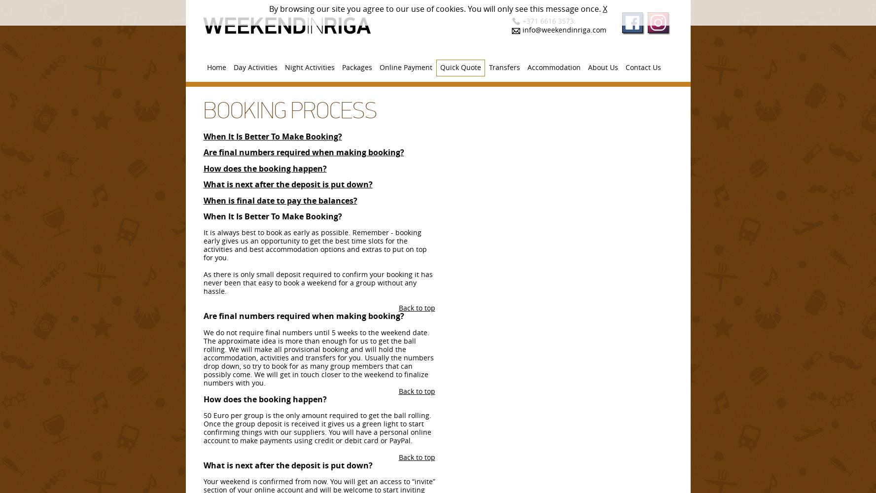 The width and height of the screenshot is (876, 493). I want to click on 'Booking Process', so click(203, 110).